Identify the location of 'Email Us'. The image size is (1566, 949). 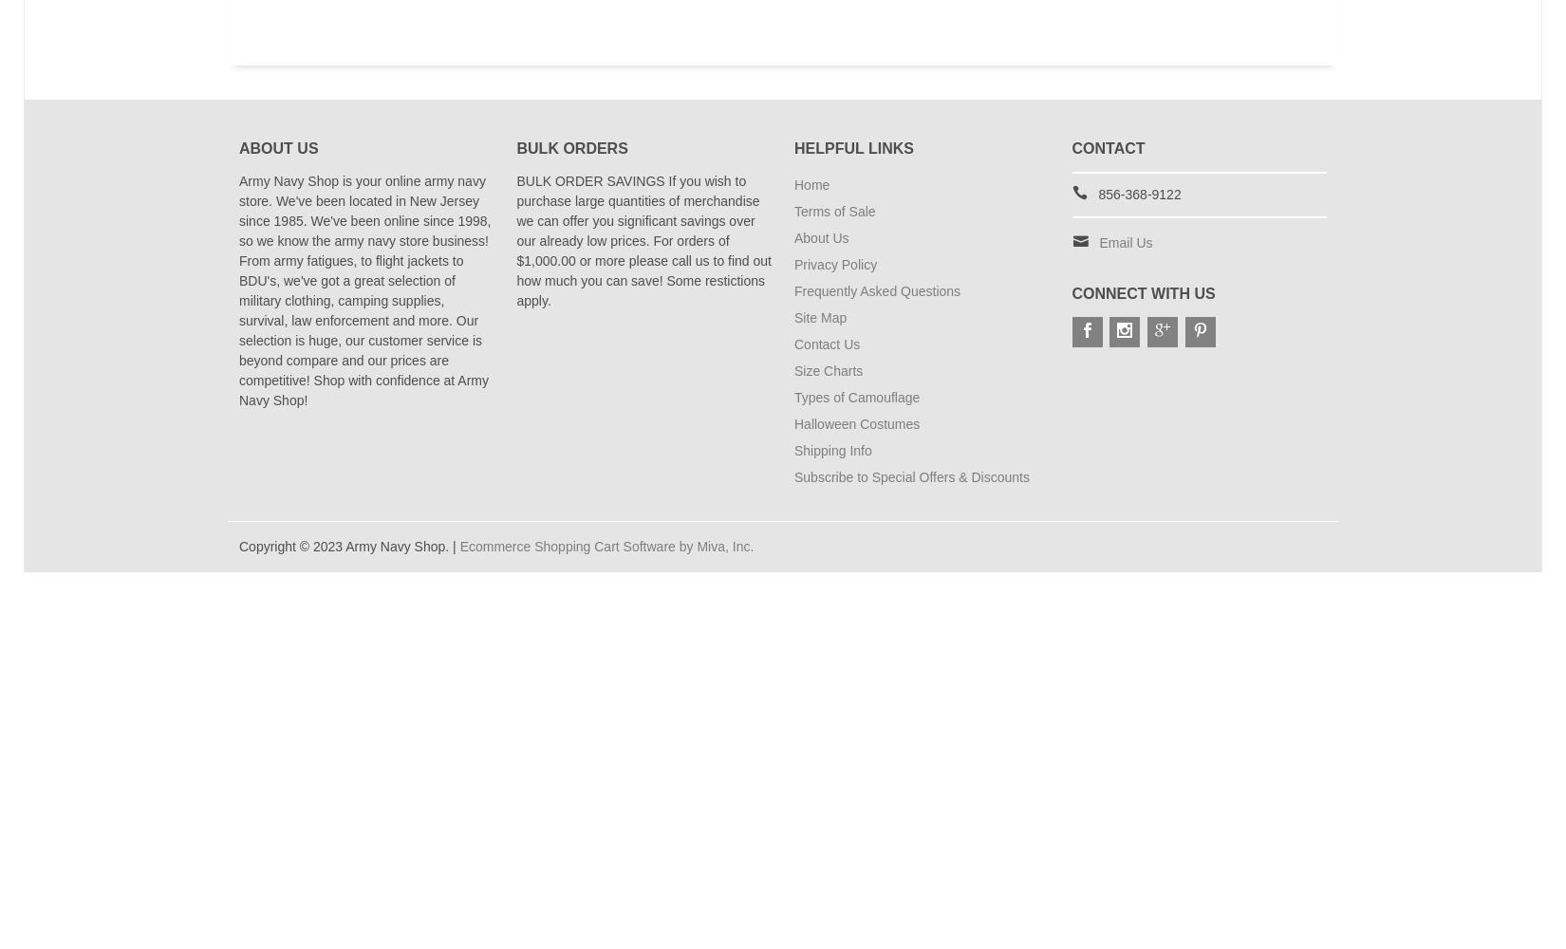
(1098, 242).